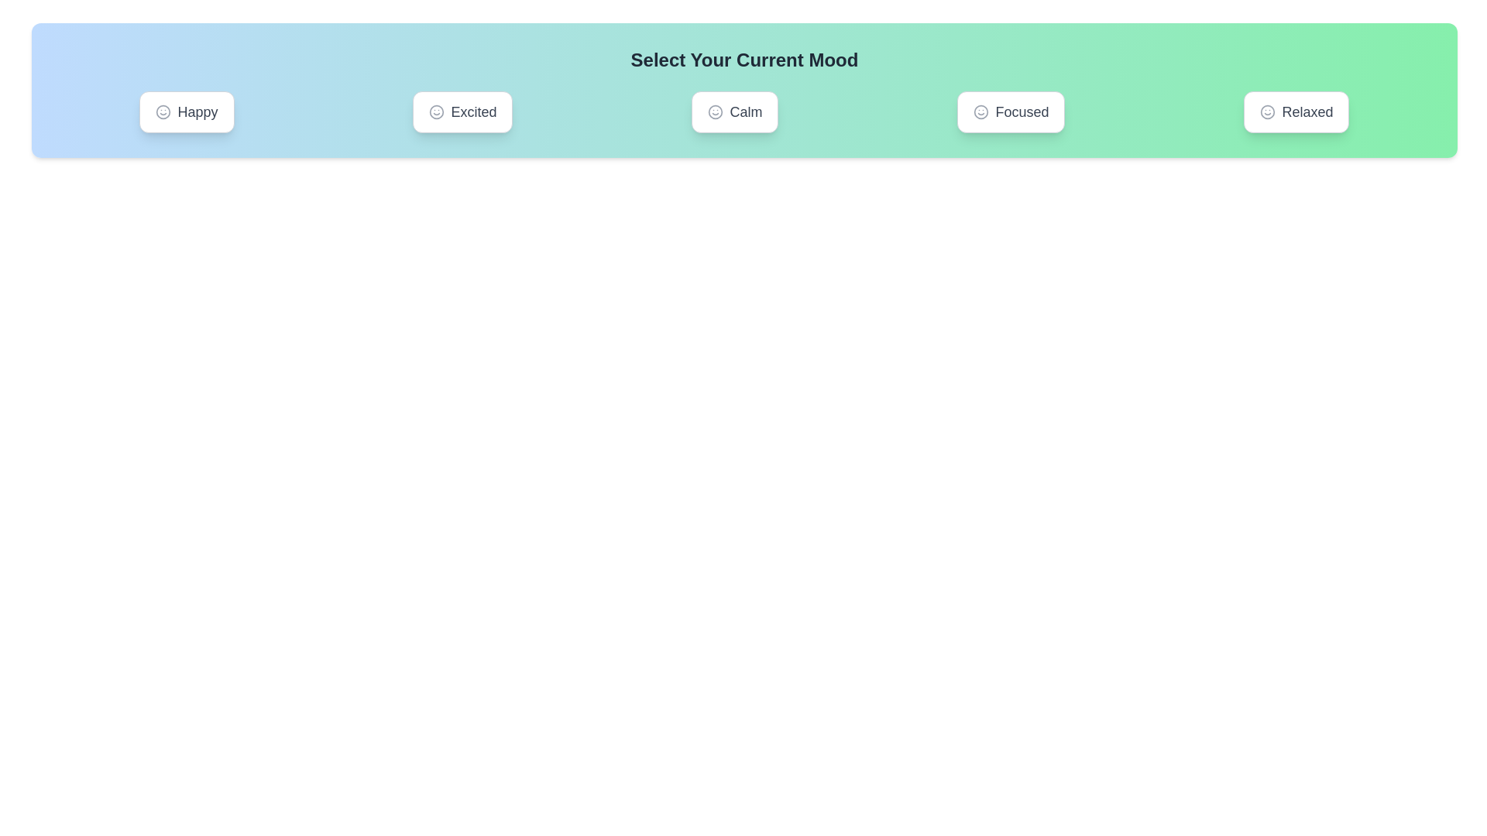 The width and height of the screenshot is (1487, 836). I want to click on the mood button labeled Relaxed, so click(1296, 111).